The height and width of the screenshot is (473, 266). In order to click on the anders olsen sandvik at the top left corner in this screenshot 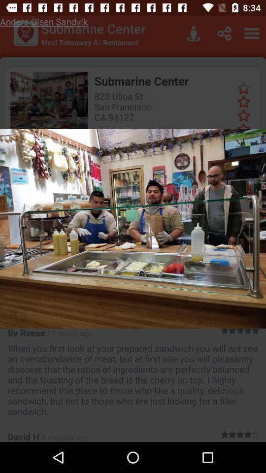, I will do `click(43, 21)`.